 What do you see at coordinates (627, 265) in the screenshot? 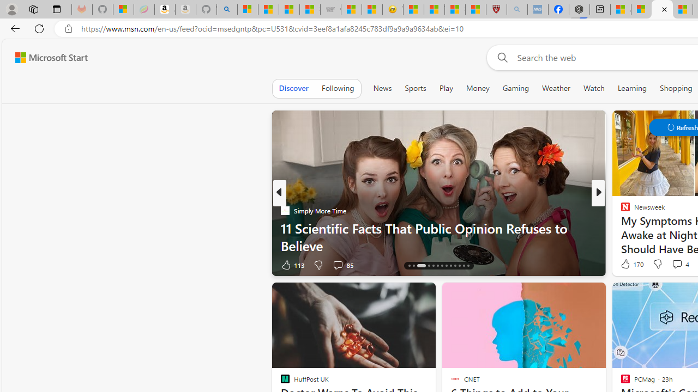
I see `'76 Like'` at bounding box center [627, 265].